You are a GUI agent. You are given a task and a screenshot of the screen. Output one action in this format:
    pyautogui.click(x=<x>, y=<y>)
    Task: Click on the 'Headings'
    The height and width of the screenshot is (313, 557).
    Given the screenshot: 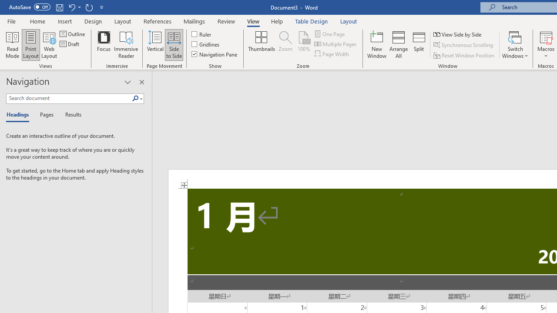 What is the action you would take?
    pyautogui.click(x=20, y=115)
    